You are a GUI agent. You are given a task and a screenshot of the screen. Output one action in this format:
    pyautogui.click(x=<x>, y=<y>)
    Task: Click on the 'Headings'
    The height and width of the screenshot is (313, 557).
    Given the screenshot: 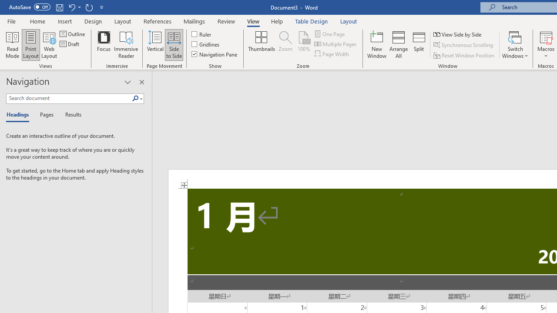 What is the action you would take?
    pyautogui.click(x=20, y=115)
    